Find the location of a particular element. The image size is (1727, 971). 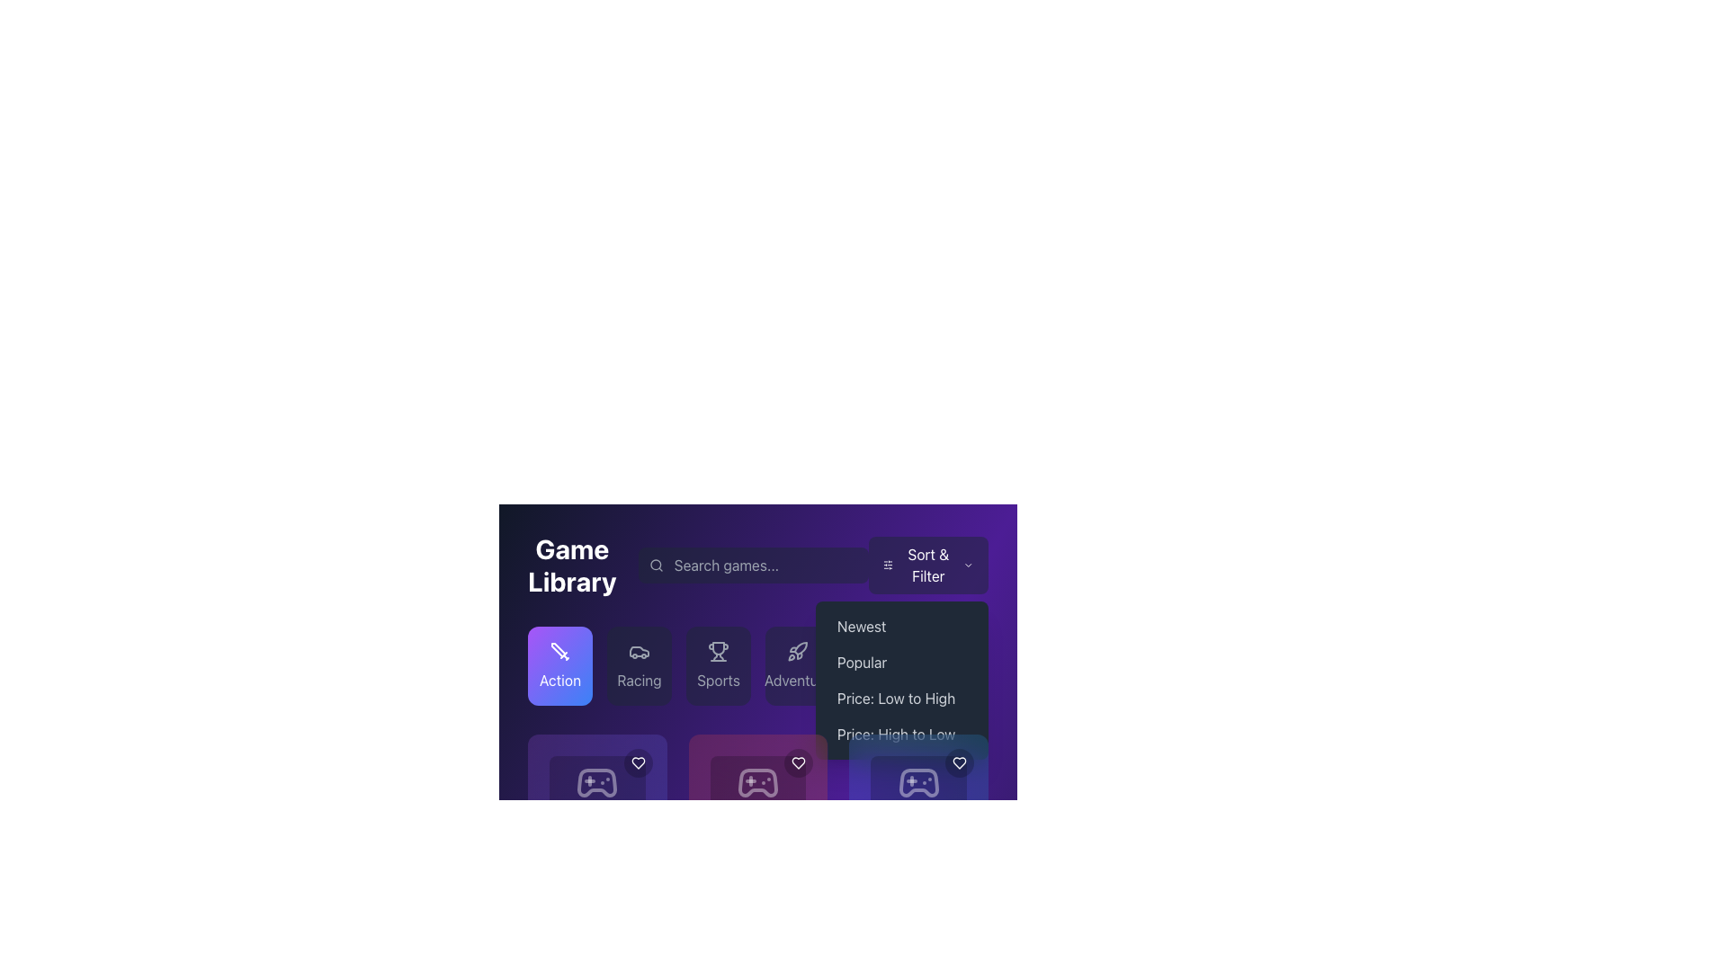

the 'Popular' sorting option in the dropdown list located under 'Sort & Filter' is located at coordinates (902, 662).